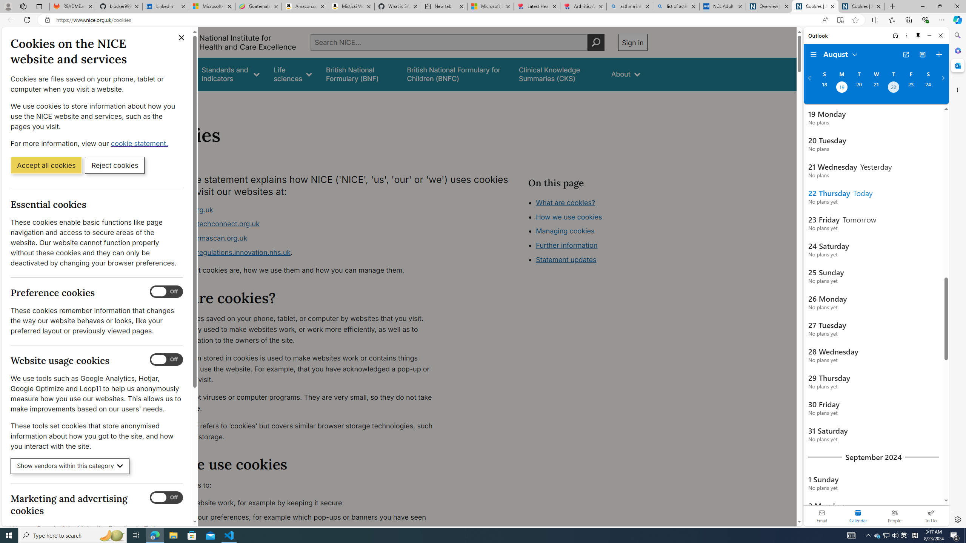 Image resolution: width=966 pixels, height=543 pixels. What do you see at coordinates (172, 74) in the screenshot?
I see `'Guidance'` at bounding box center [172, 74].